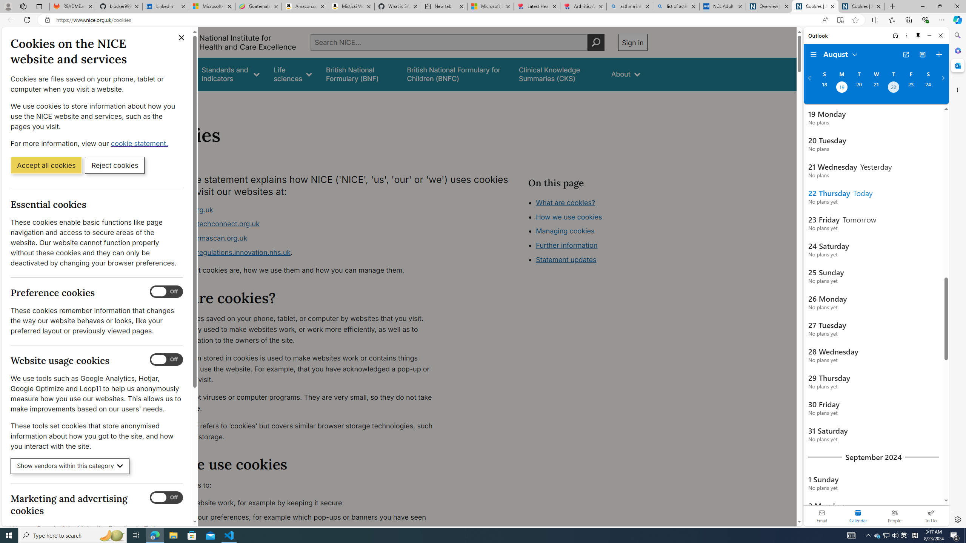 Image resolution: width=966 pixels, height=543 pixels. What do you see at coordinates (172, 74) in the screenshot?
I see `'Guidance'` at bounding box center [172, 74].